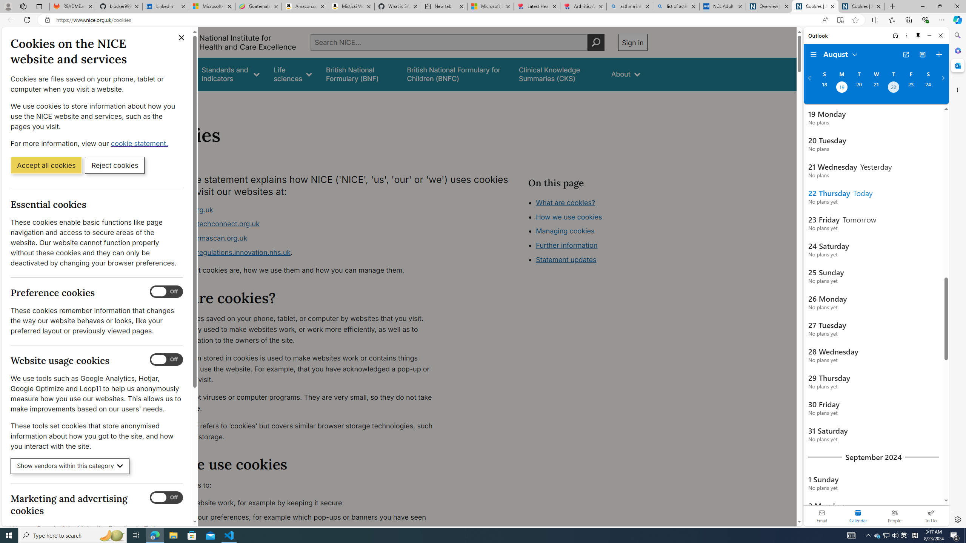 Image resolution: width=966 pixels, height=543 pixels. What do you see at coordinates (172, 74) in the screenshot?
I see `'Guidance'` at bounding box center [172, 74].